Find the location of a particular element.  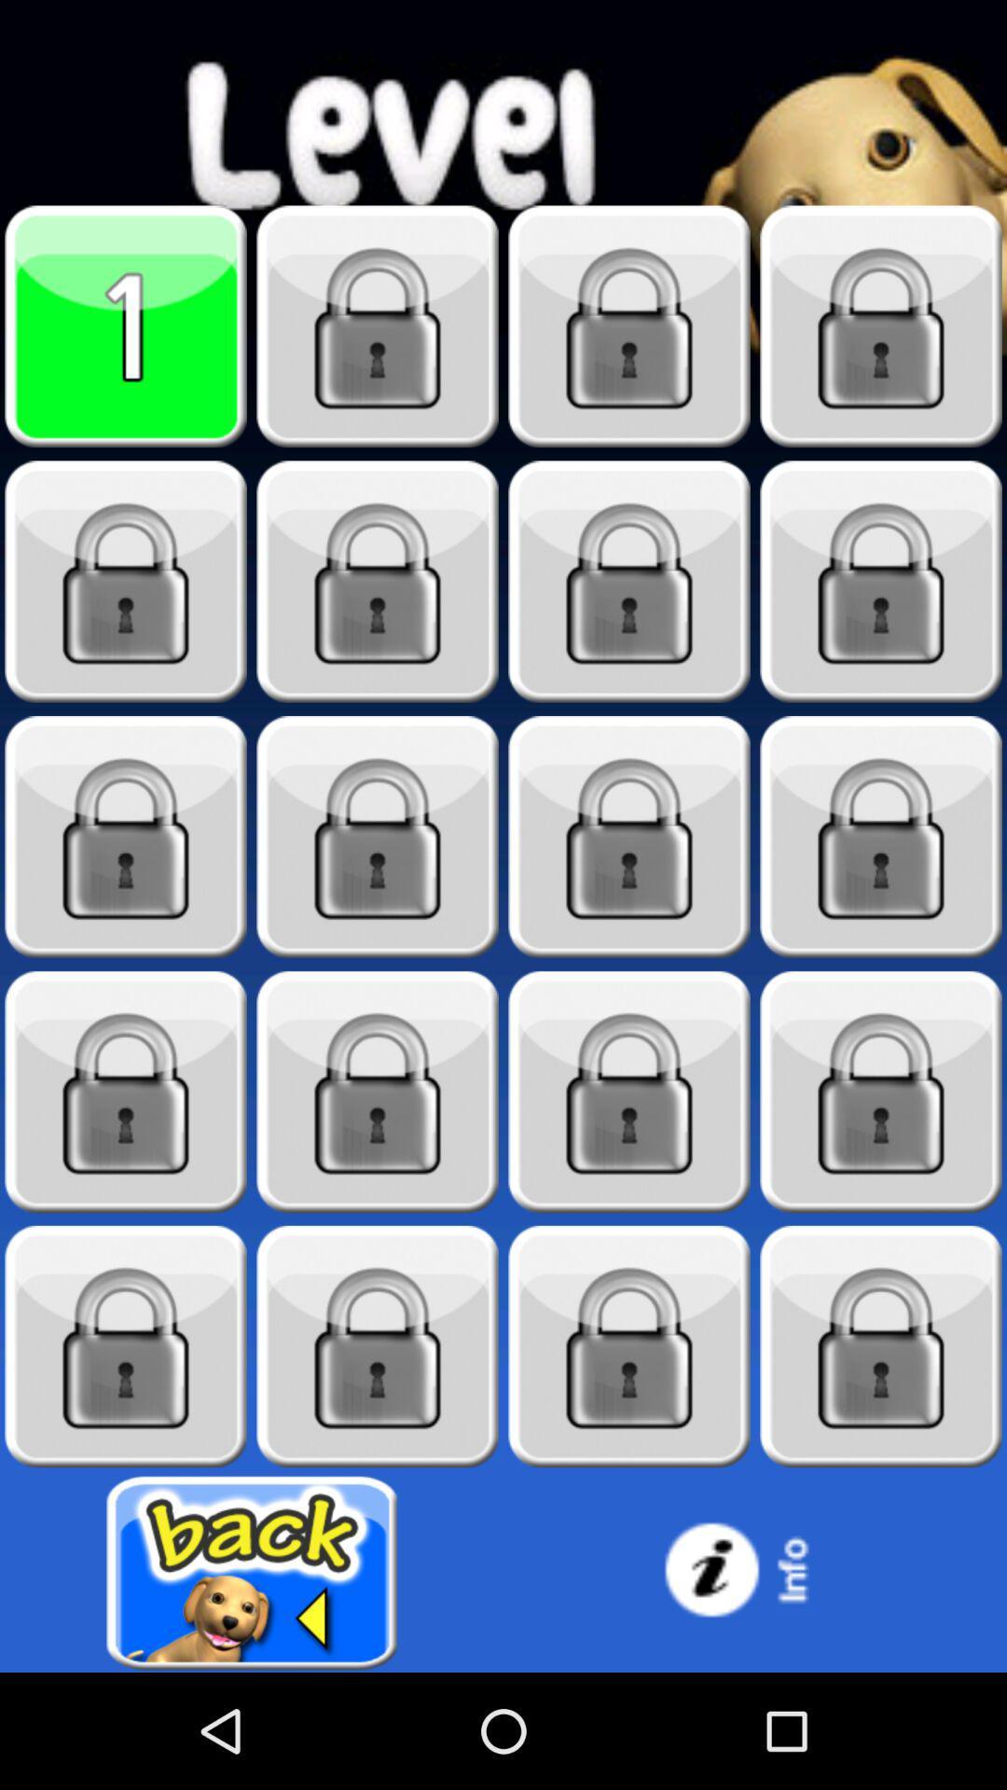

level 1 is located at coordinates (126, 326).